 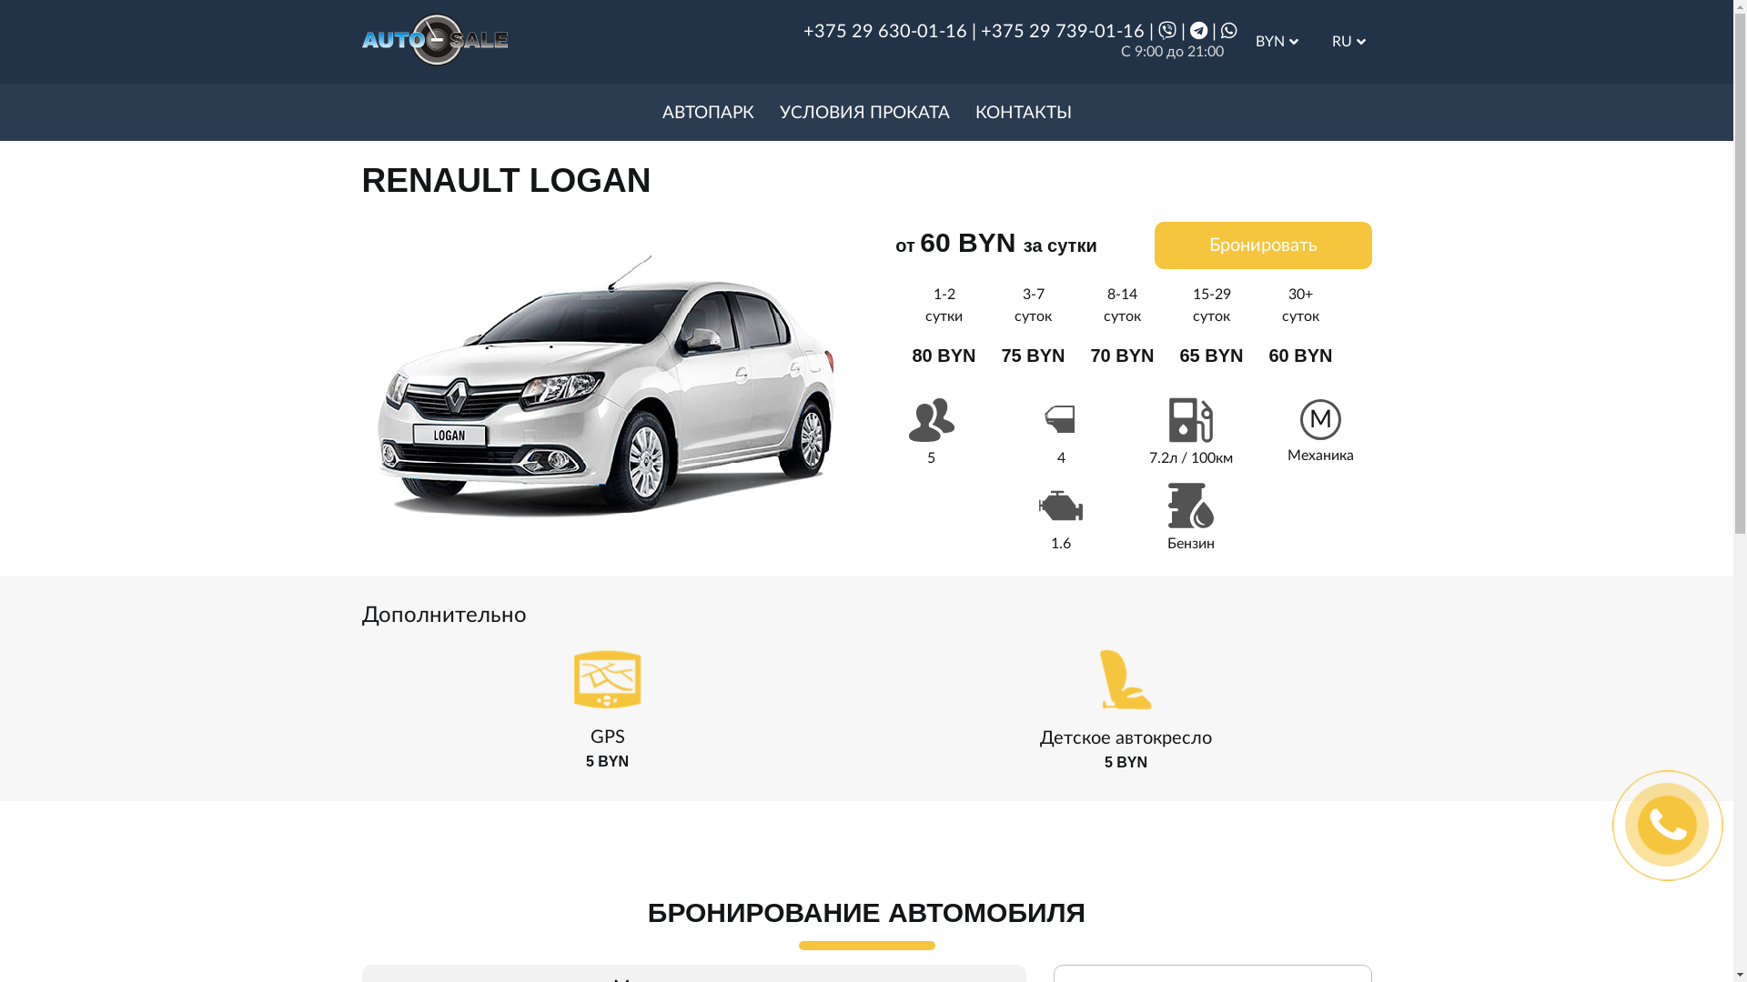 What do you see at coordinates (1062, 31) in the screenshot?
I see `'+375 29 739-01-16'` at bounding box center [1062, 31].